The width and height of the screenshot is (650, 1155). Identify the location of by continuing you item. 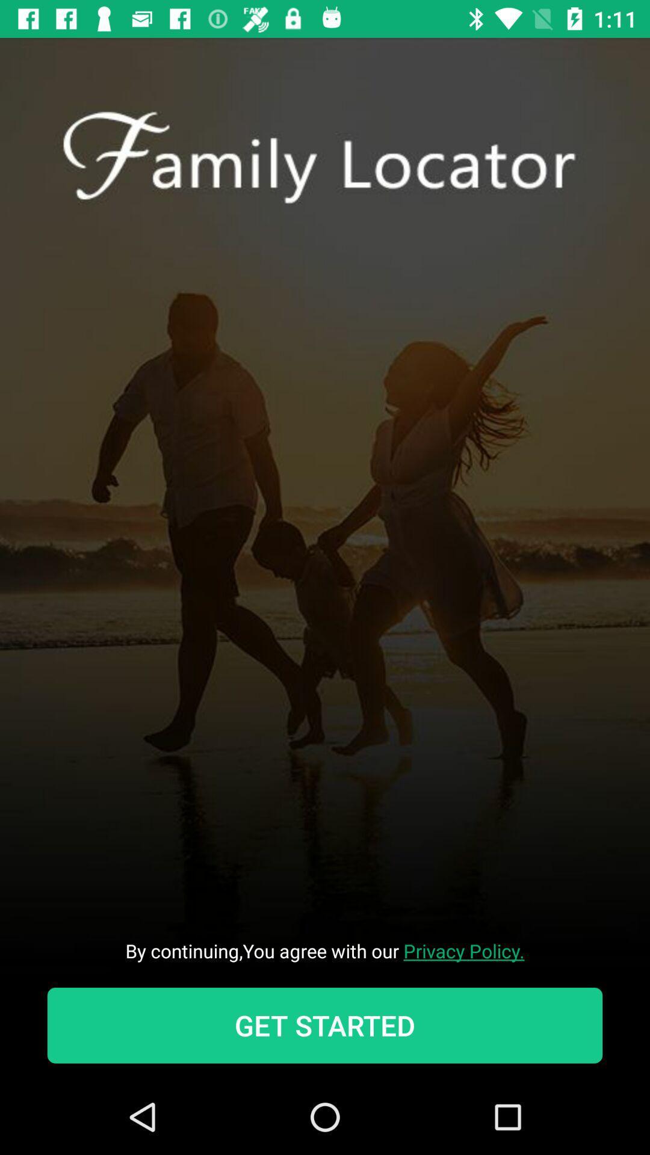
(325, 950).